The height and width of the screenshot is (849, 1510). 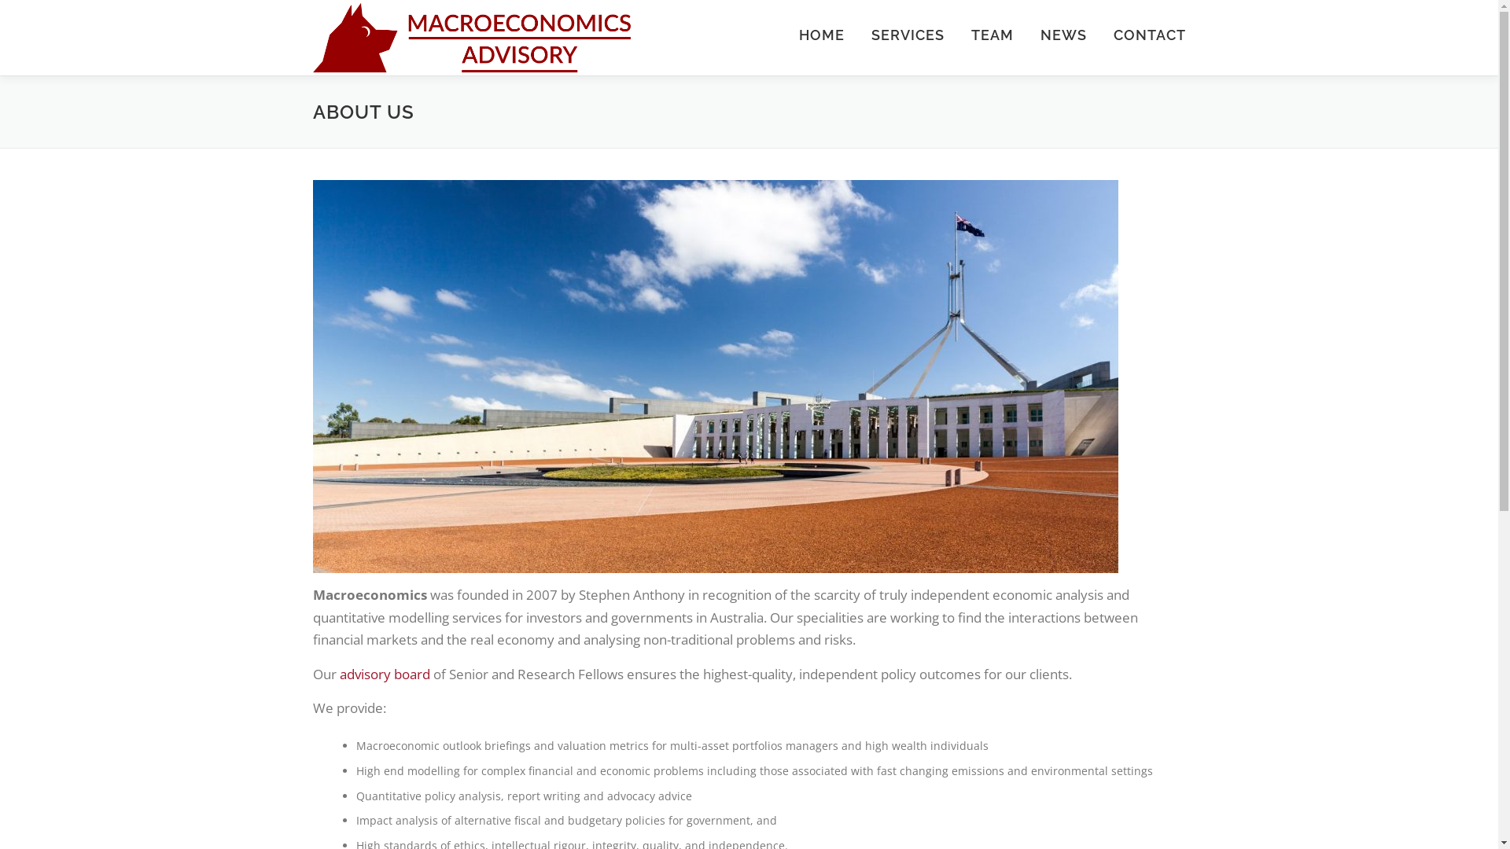 I want to click on 'advisory board', so click(x=385, y=673).